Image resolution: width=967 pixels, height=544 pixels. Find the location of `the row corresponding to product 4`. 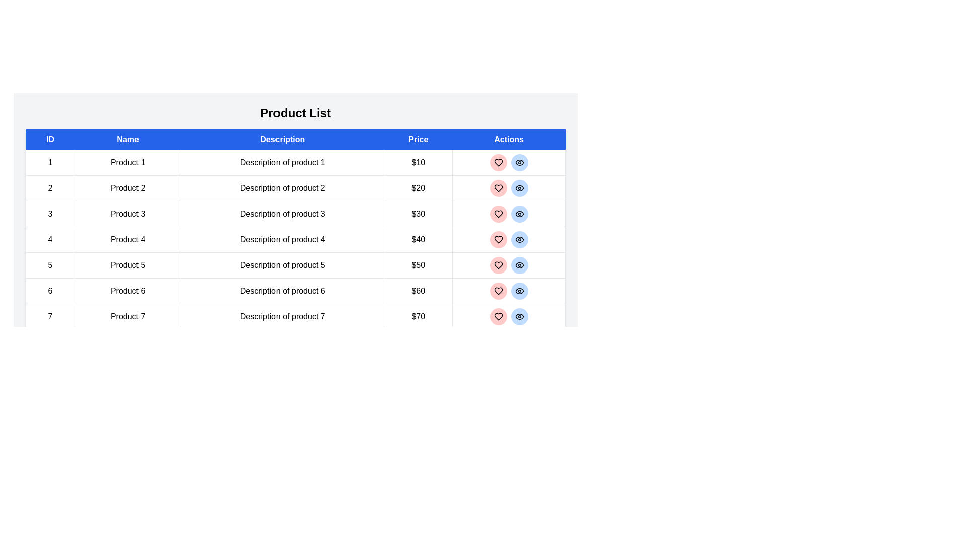

the row corresponding to product 4 is located at coordinates (295, 239).